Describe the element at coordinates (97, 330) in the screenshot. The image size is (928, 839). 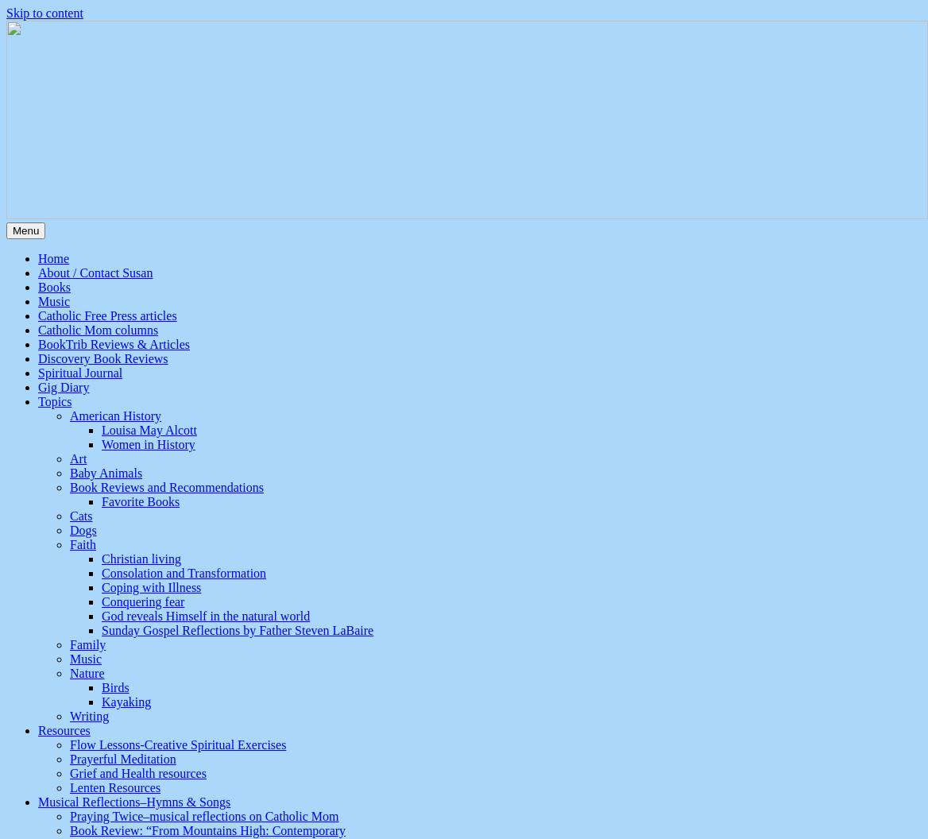
I see `'Catholic Mom columns'` at that location.